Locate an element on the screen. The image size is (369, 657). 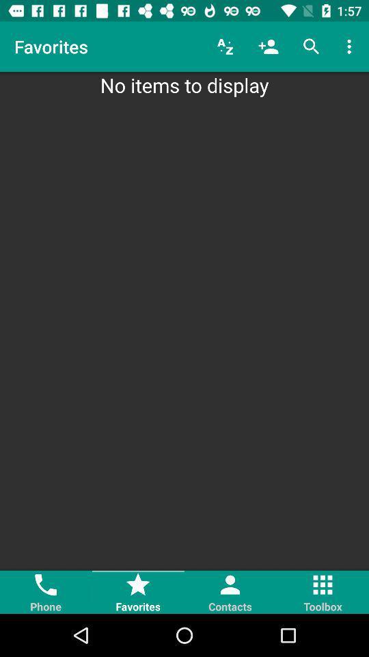
item above no items to icon is located at coordinates (351, 47).